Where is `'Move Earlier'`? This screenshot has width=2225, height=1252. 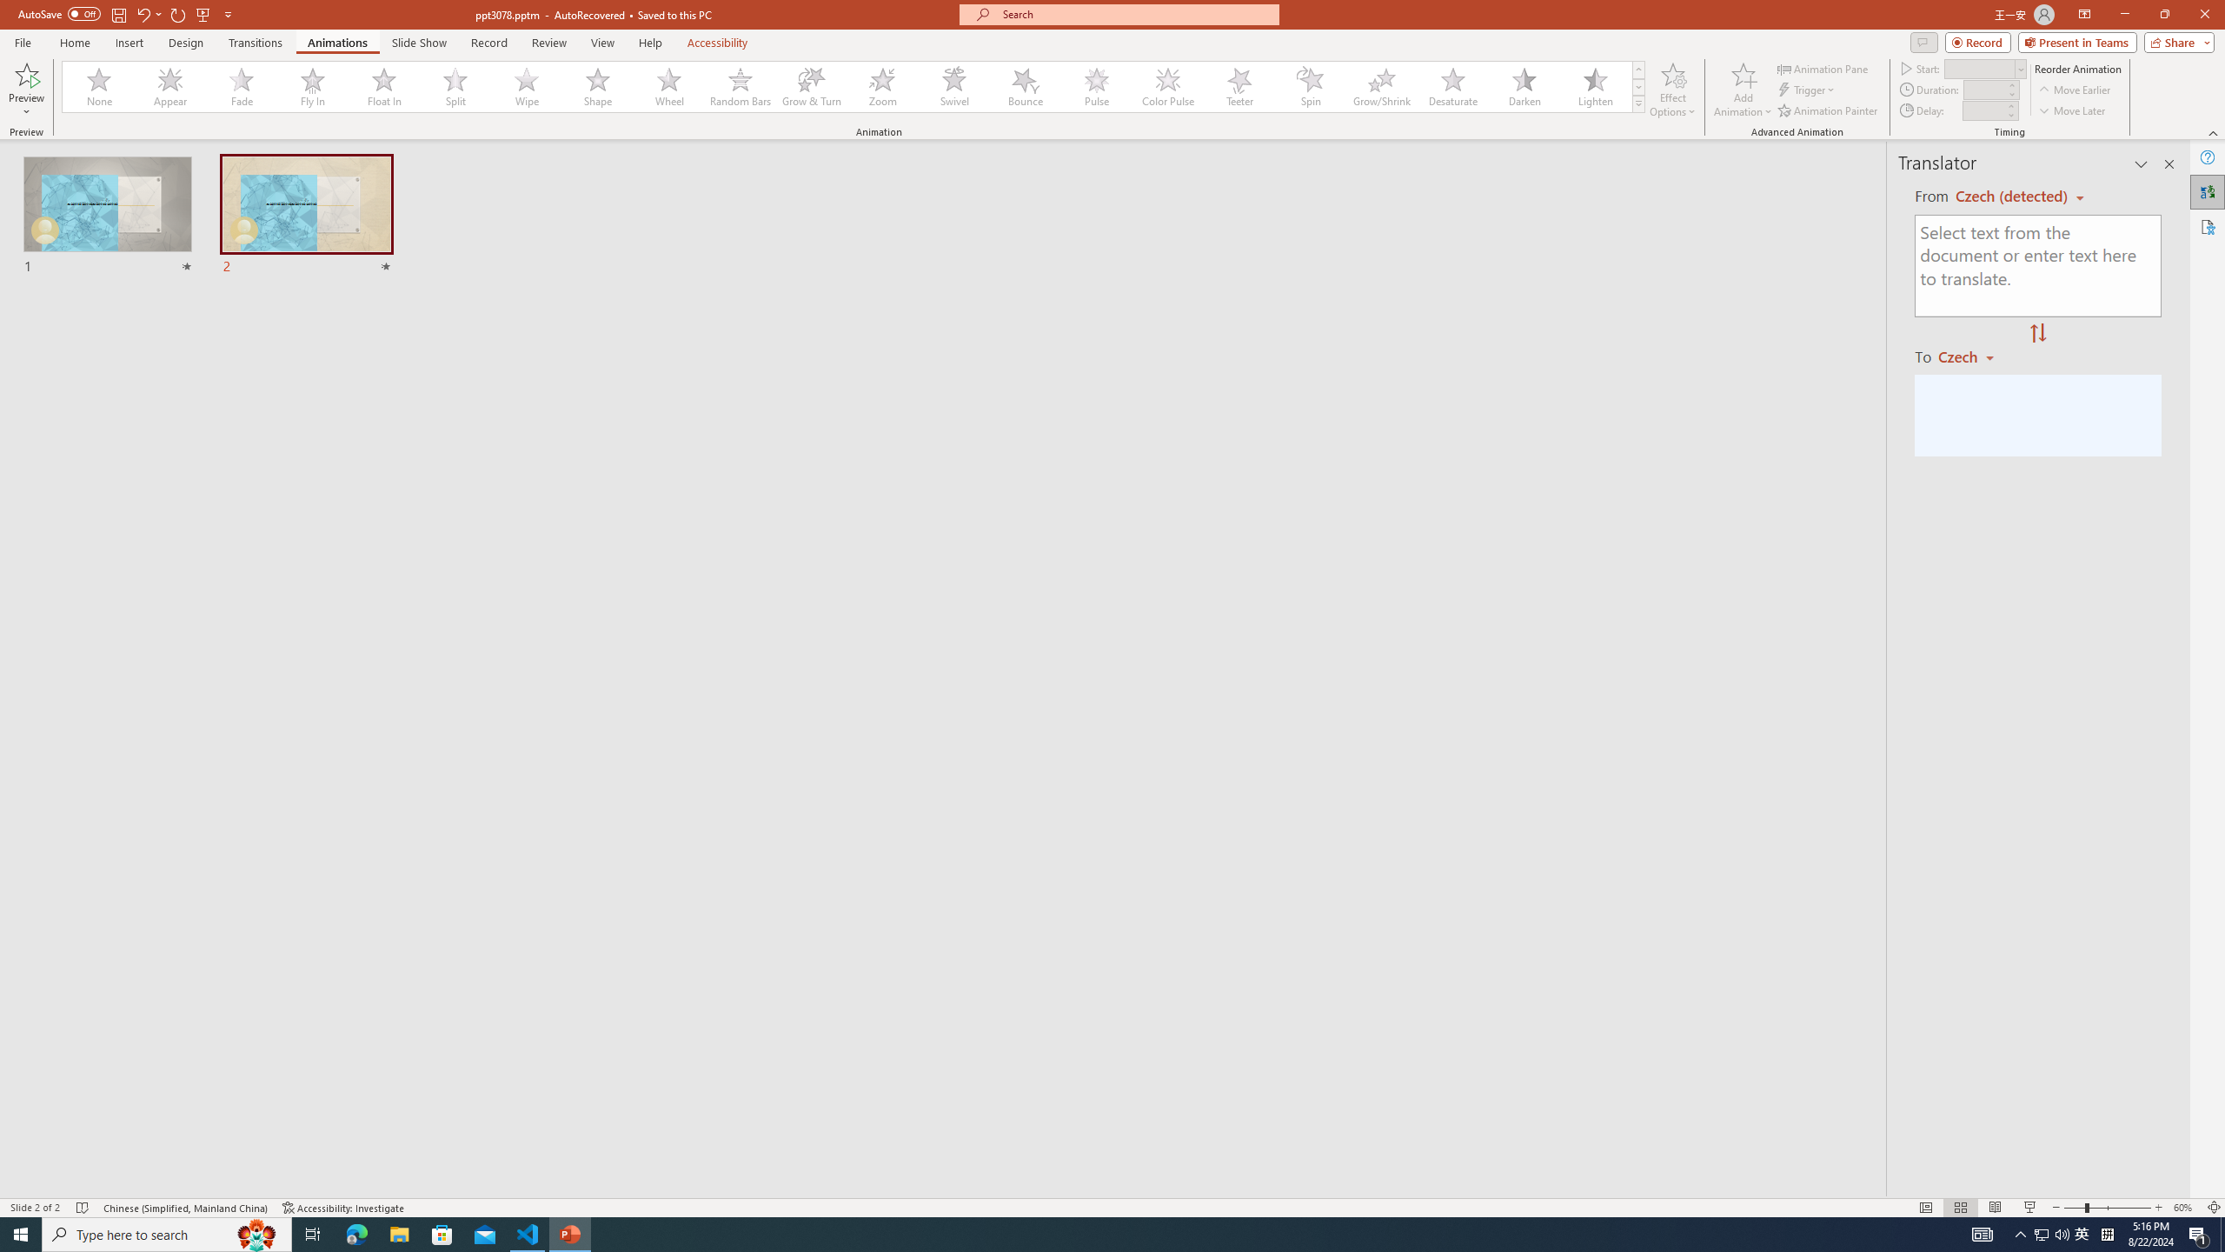 'Move Earlier' is located at coordinates (2074, 90).